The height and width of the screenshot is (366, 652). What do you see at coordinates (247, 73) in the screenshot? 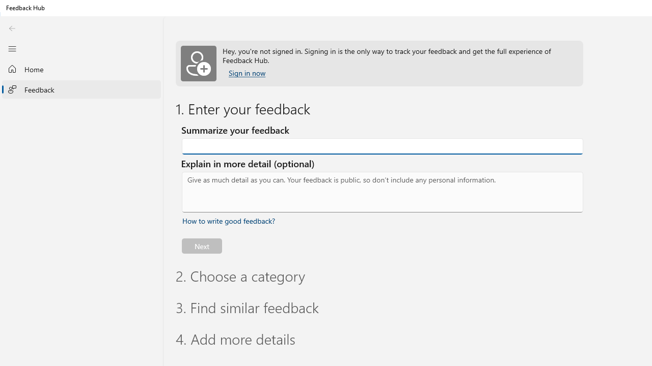
I see `'Sign in now'` at bounding box center [247, 73].